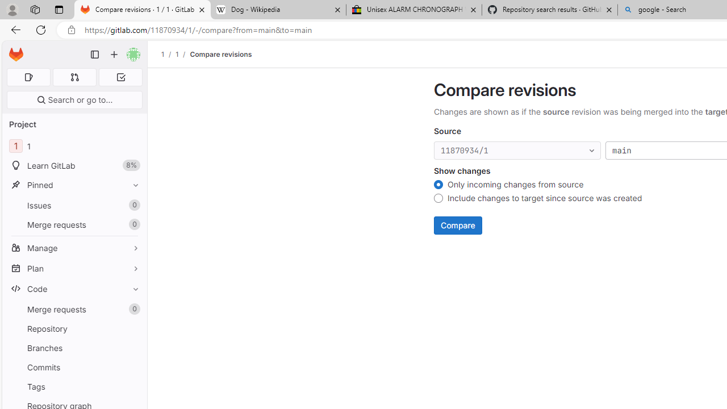  Describe the element at coordinates (74, 367) in the screenshot. I see `'Commits'` at that location.